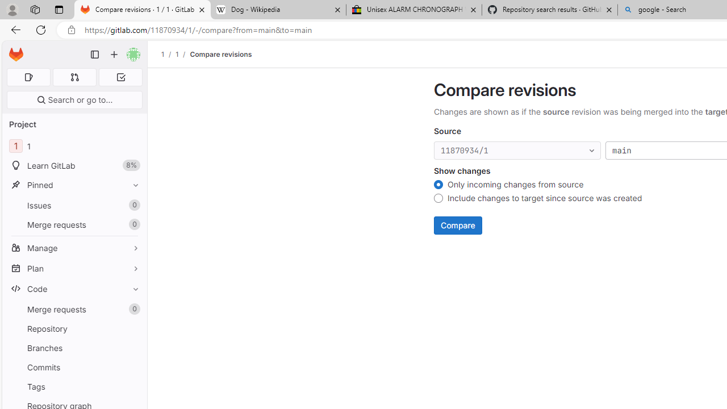  Describe the element at coordinates (74, 367) in the screenshot. I see `'Commits'` at that location.